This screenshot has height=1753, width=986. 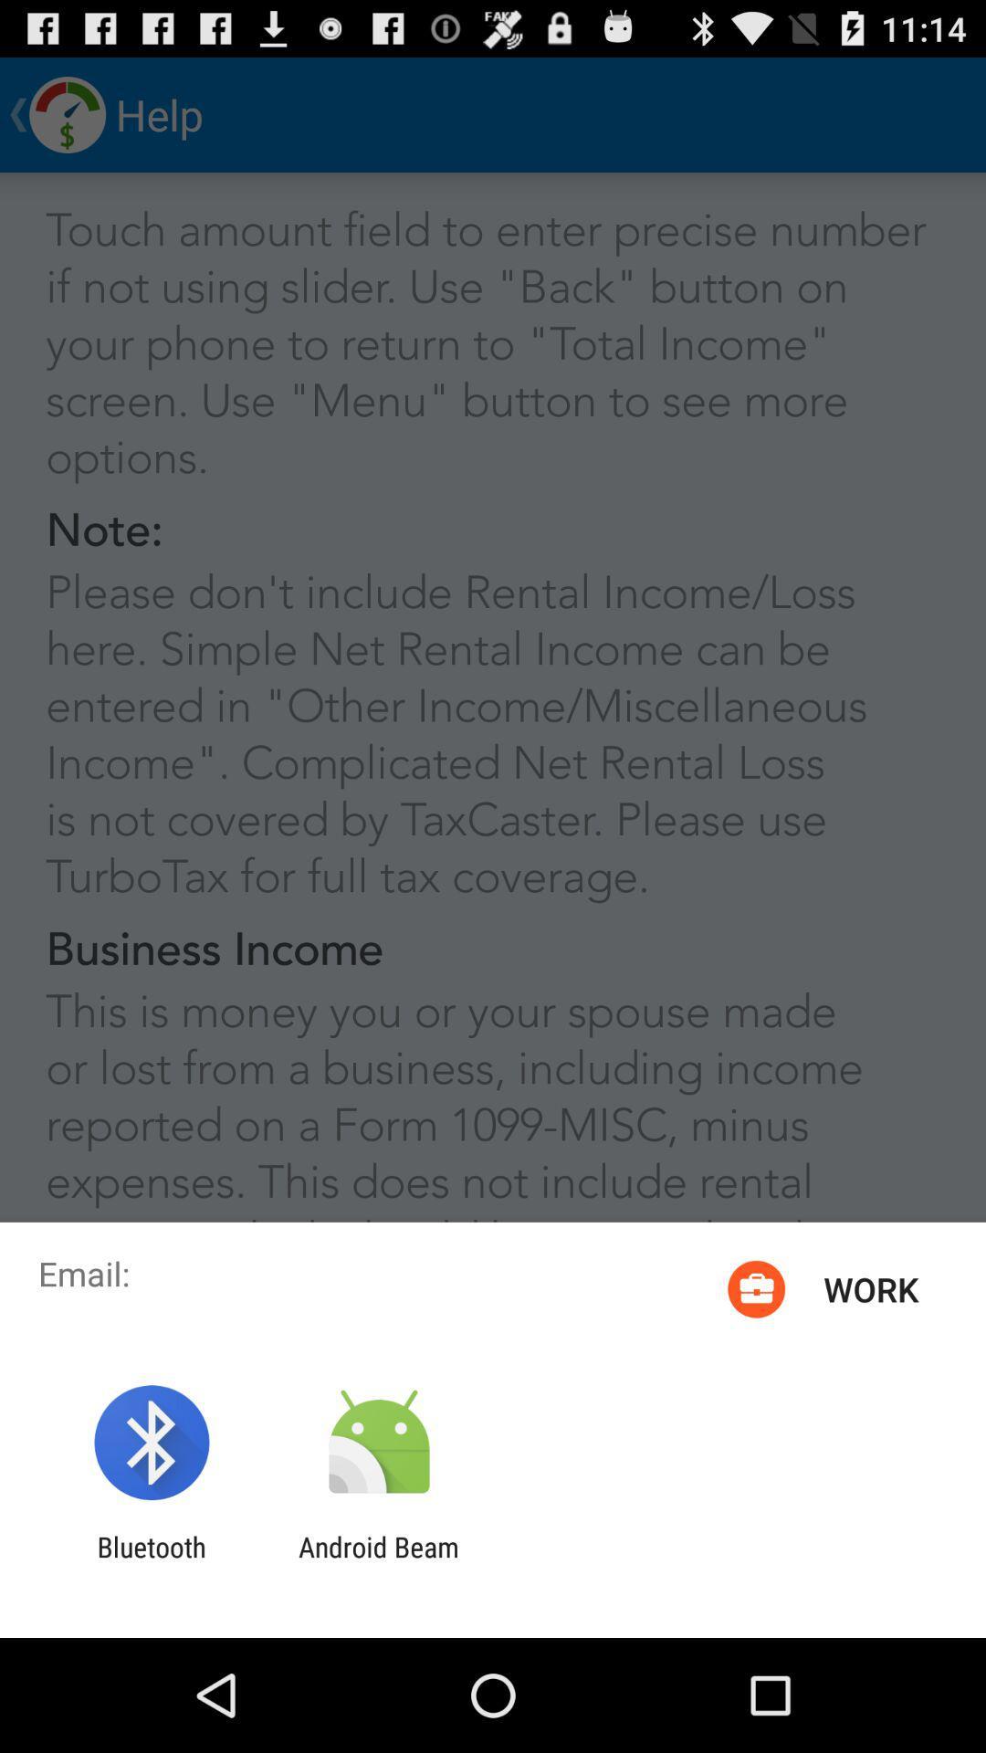 What do you see at coordinates (151, 1562) in the screenshot?
I see `item next to android beam app` at bounding box center [151, 1562].